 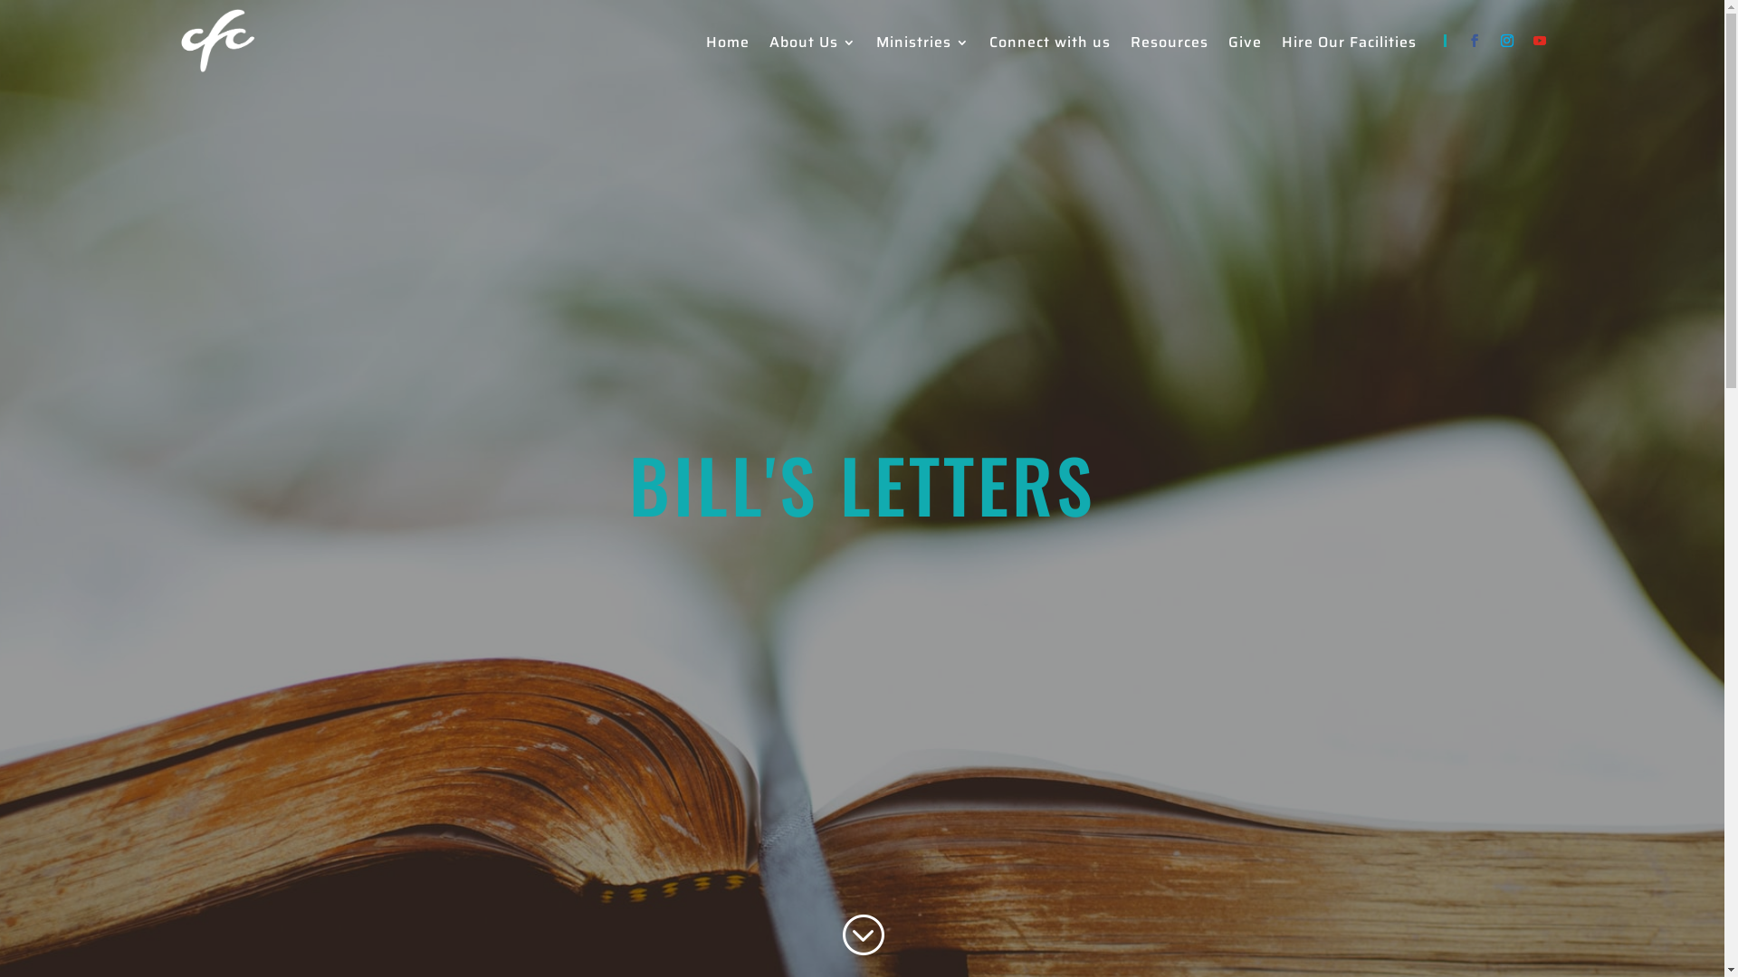 I want to click on 'About Us', so click(x=811, y=44).